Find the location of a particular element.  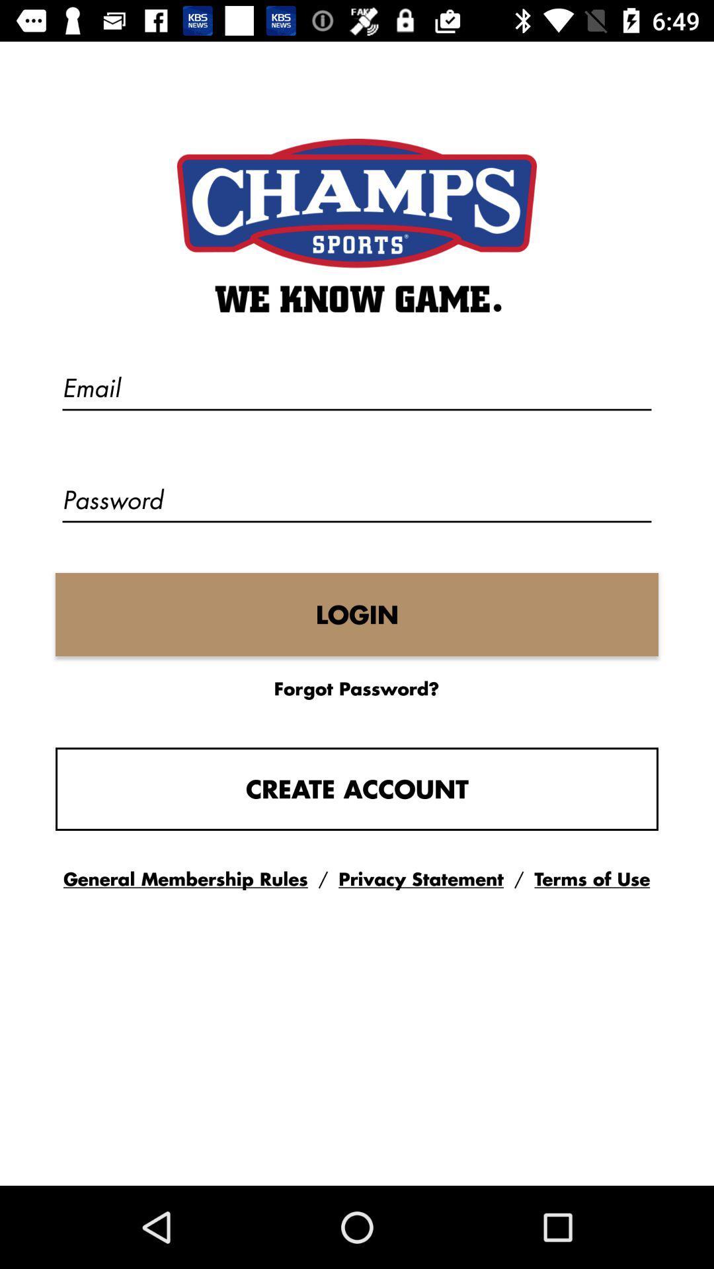

the text general membership rules below create account is located at coordinates (186, 879).